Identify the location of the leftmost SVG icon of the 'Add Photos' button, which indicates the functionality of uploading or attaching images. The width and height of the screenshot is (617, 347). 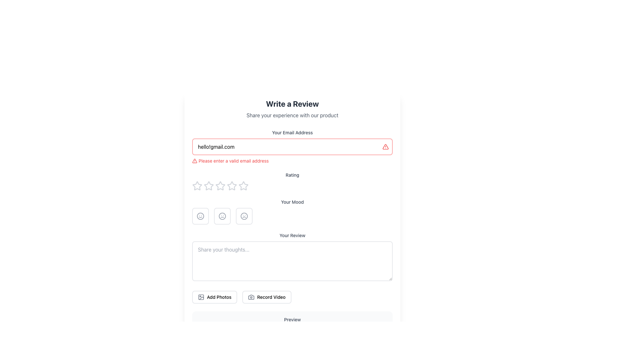
(201, 297).